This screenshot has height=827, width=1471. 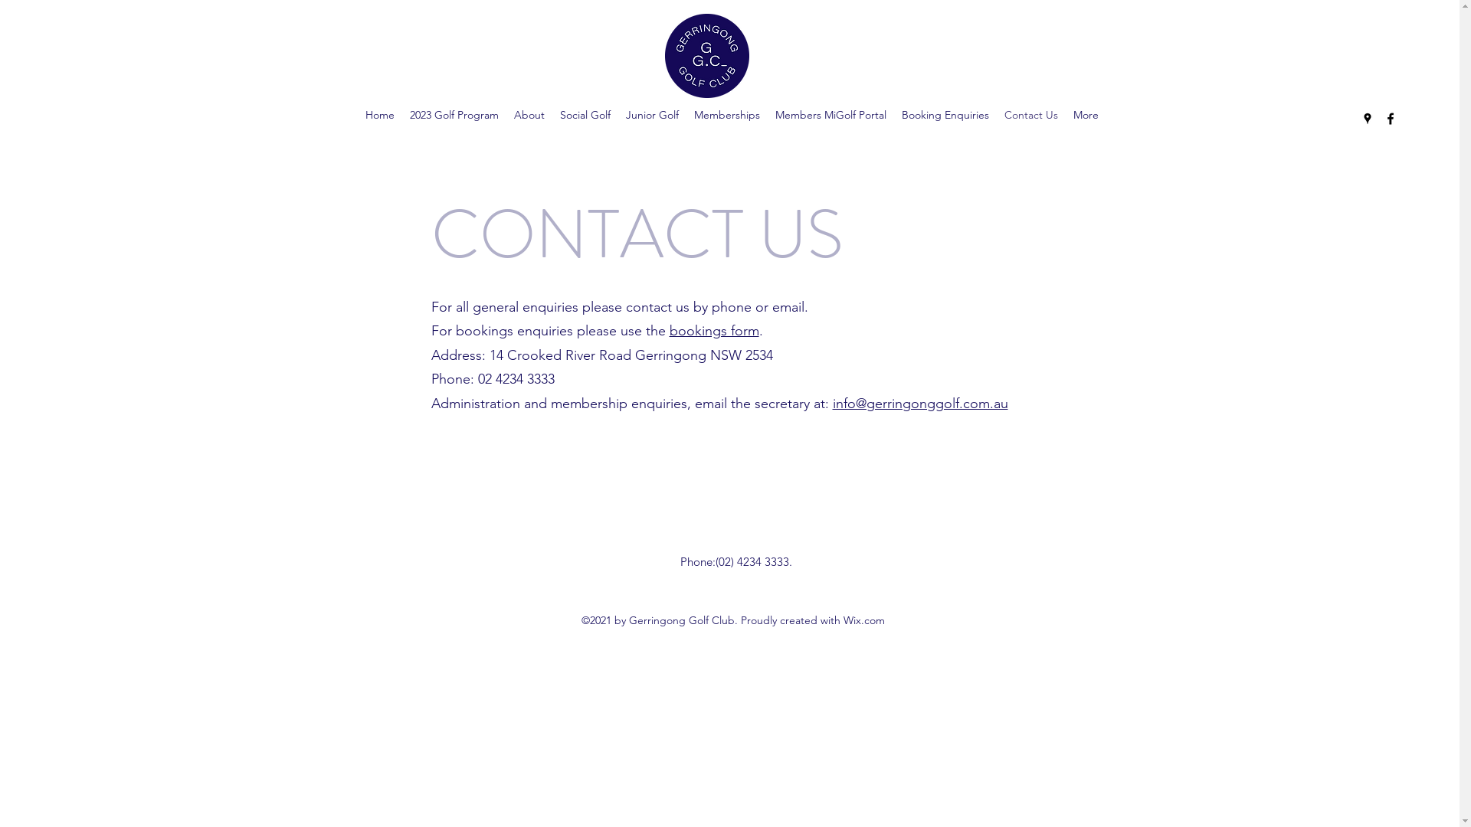 What do you see at coordinates (919, 403) in the screenshot?
I see `'info@gerringonggolf.com.au'` at bounding box center [919, 403].